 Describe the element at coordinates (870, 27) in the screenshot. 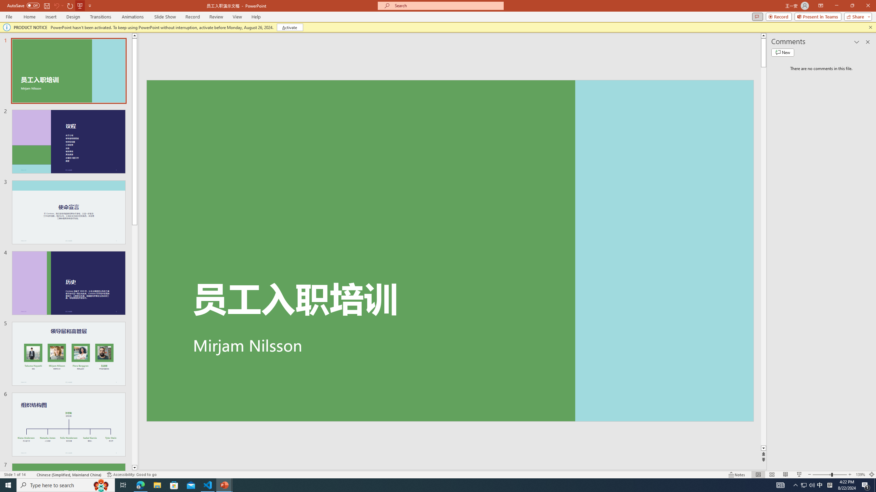

I see `'Close this message'` at that location.